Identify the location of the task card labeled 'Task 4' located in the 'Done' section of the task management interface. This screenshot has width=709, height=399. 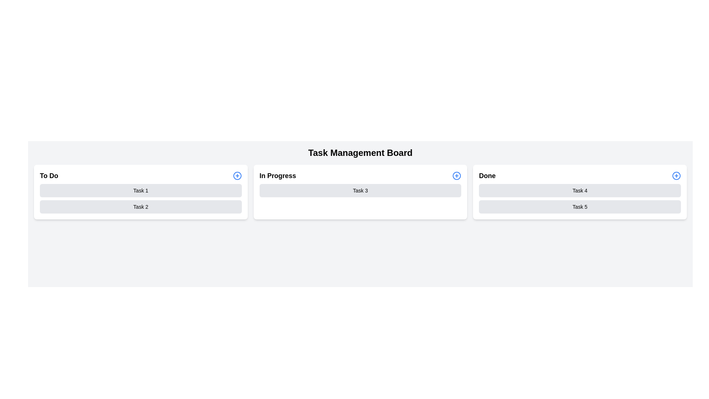
(579, 190).